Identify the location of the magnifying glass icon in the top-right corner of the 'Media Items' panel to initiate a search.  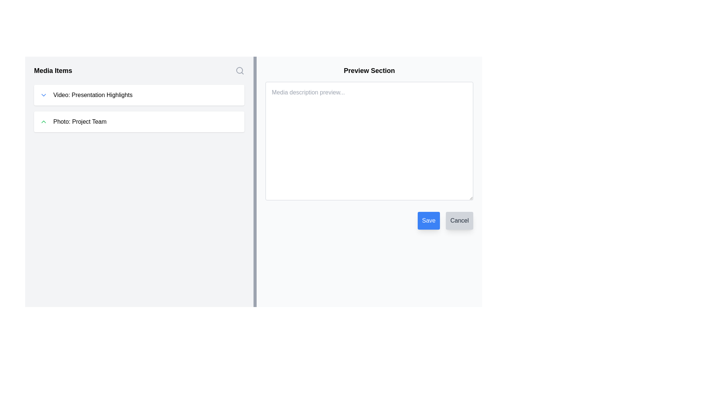
(240, 71).